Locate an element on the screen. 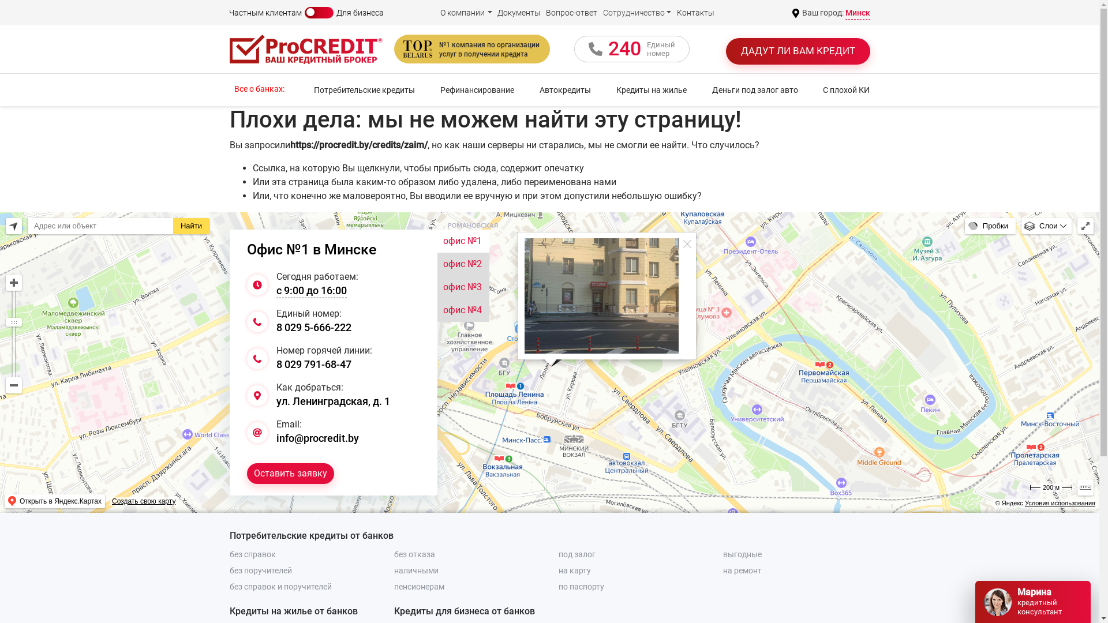 The height and width of the screenshot is (623, 1108). 'info@procredit.by' is located at coordinates (317, 437).